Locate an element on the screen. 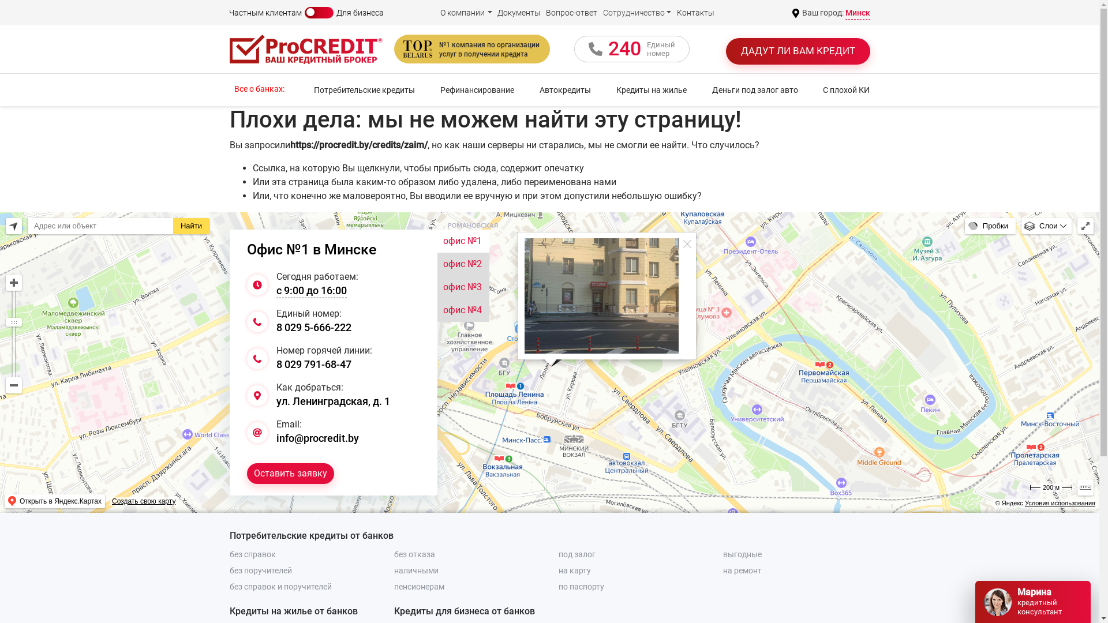 The height and width of the screenshot is (623, 1108). 'info@procredit.by' is located at coordinates (317, 437).